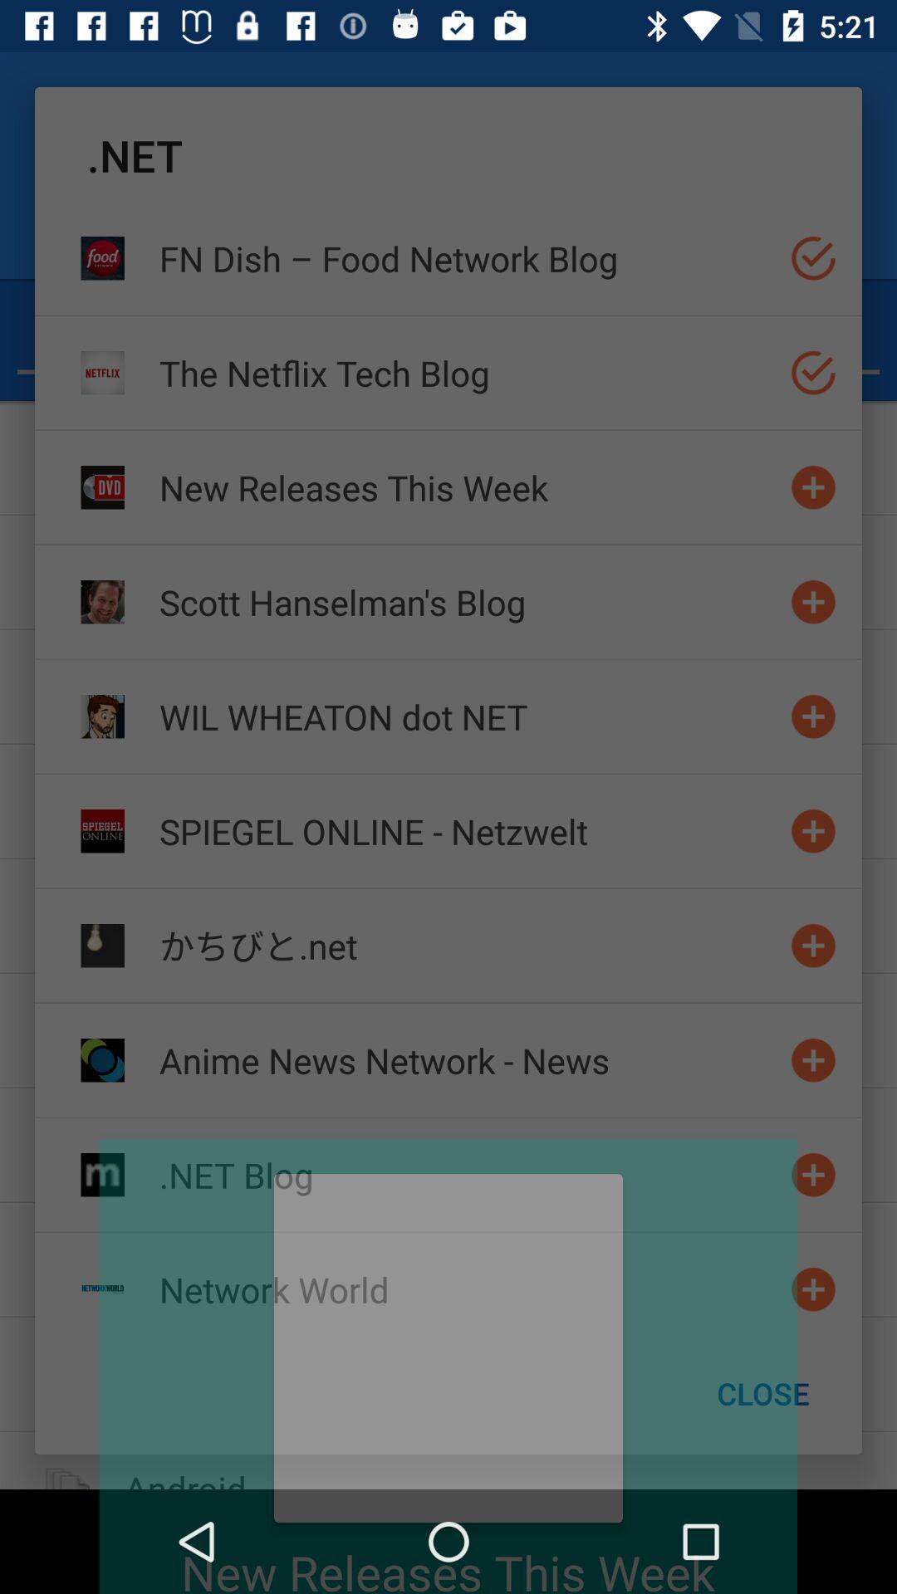 The image size is (897, 1594). Describe the element at coordinates (812, 946) in the screenshot. I see `add` at that location.